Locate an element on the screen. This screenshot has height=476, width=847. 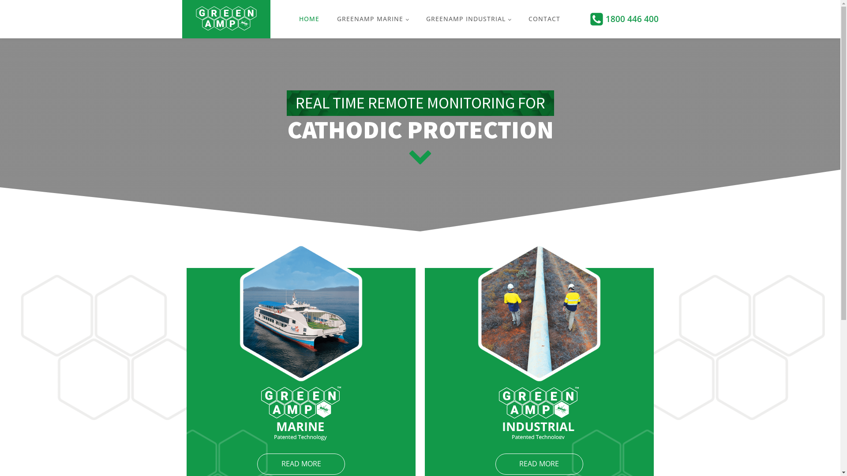
'GREENAMP MARINE' is located at coordinates (372, 19).